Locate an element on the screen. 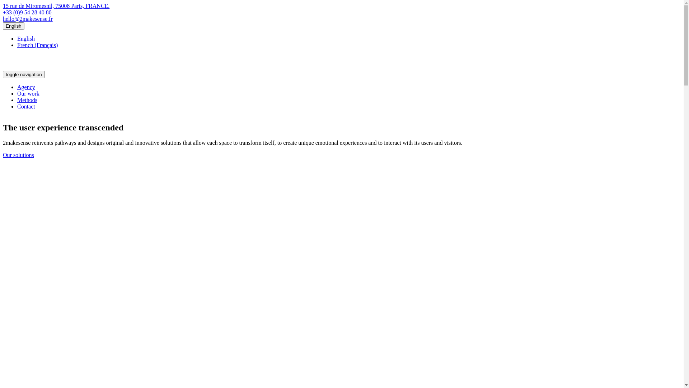 Image resolution: width=689 pixels, height=388 pixels. '2makesense' is located at coordinates (31, 67).